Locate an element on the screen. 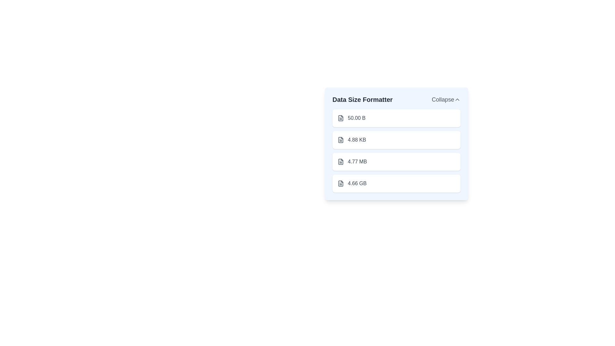  the small square-shaped file icon with a gray outline, located to the left of the text '4.77 MB' is located at coordinates (340, 161).